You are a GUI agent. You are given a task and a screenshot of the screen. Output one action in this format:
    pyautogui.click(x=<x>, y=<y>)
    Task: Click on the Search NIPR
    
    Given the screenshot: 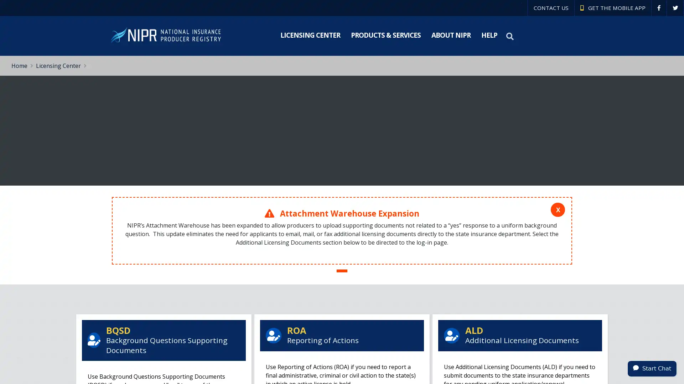 What is the action you would take?
    pyautogui.click(x=511, y=36)
    